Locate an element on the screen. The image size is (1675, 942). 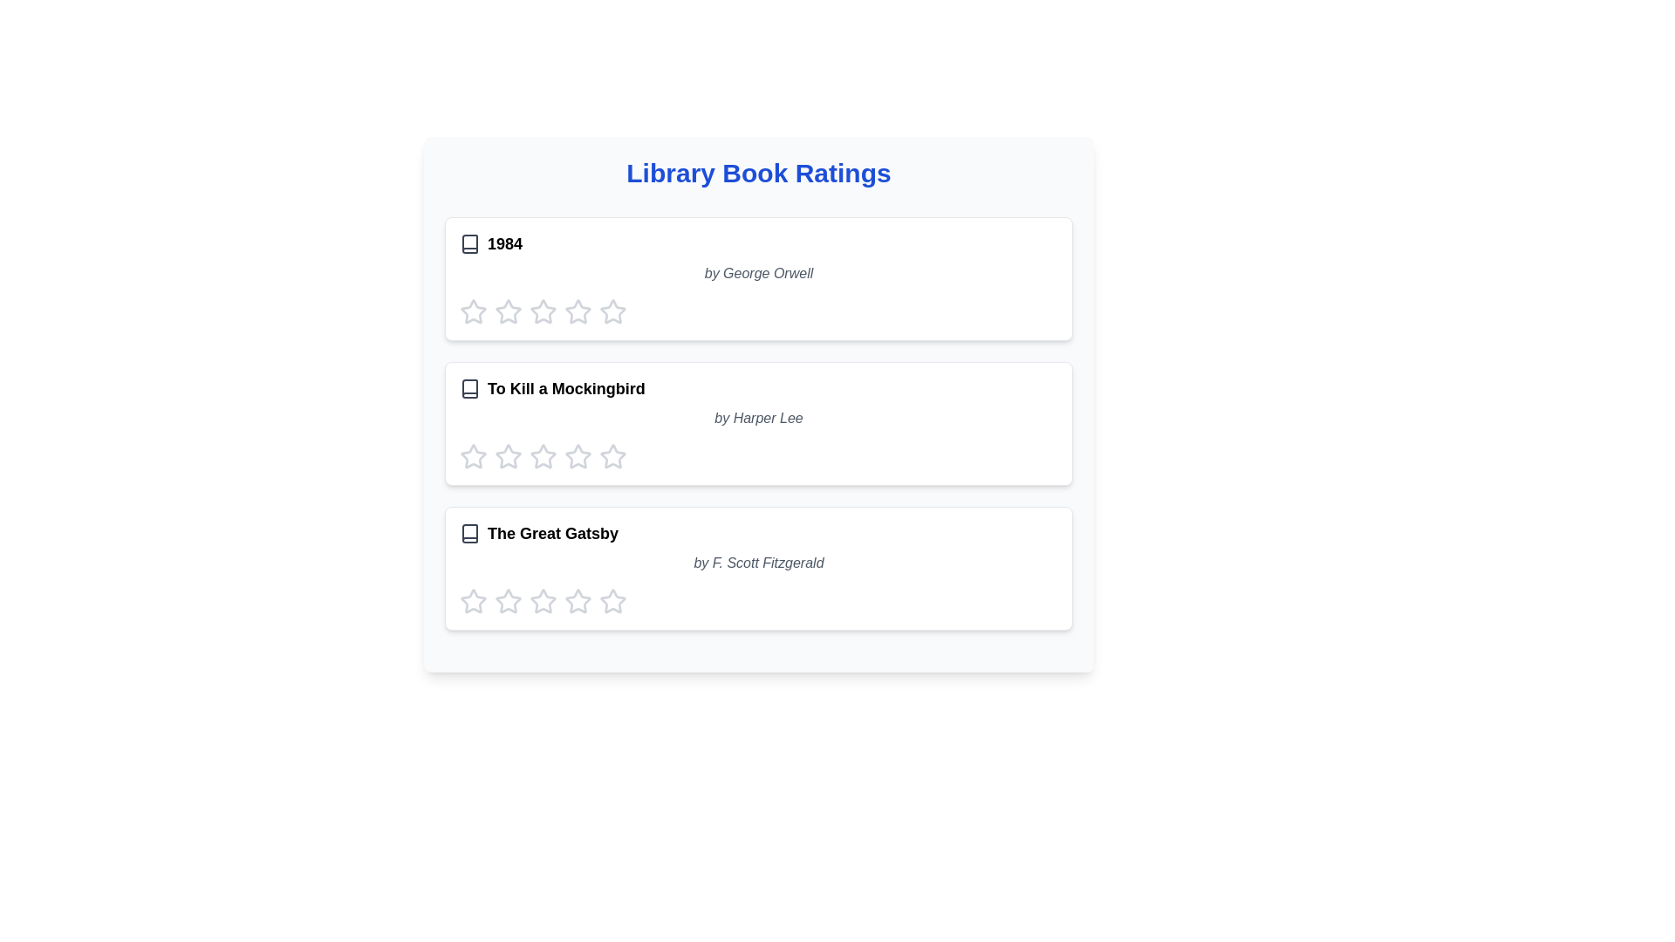
the first star icon in the rating system under the book titled 'The Great Gatsby' to rate it is located at coordinates (507, 600).